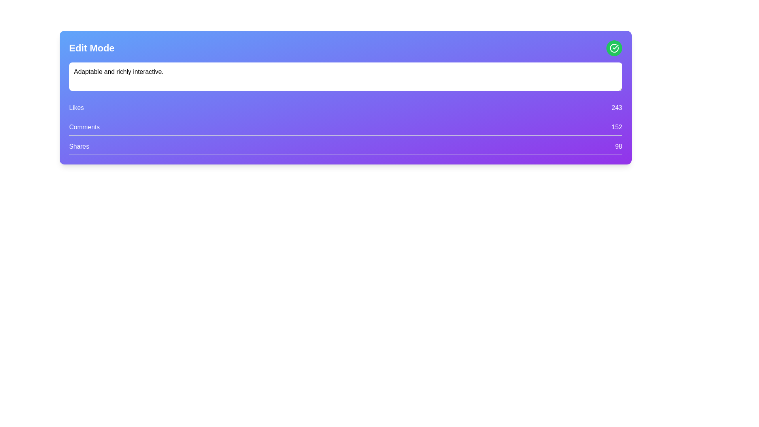  I want to click on the numerical value '243' displayed in white text against a purple background, which is aligned to the right side of the row labeled 'Likes', so click(616, 108).